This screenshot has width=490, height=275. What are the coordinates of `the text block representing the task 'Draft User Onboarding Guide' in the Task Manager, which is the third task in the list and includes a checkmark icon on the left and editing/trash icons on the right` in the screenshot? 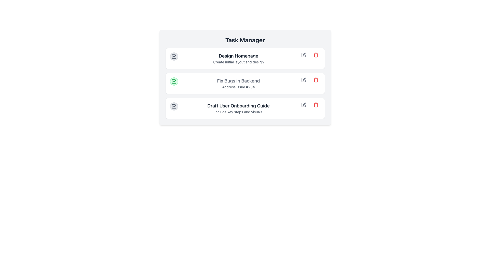 It's located at (238, 108).